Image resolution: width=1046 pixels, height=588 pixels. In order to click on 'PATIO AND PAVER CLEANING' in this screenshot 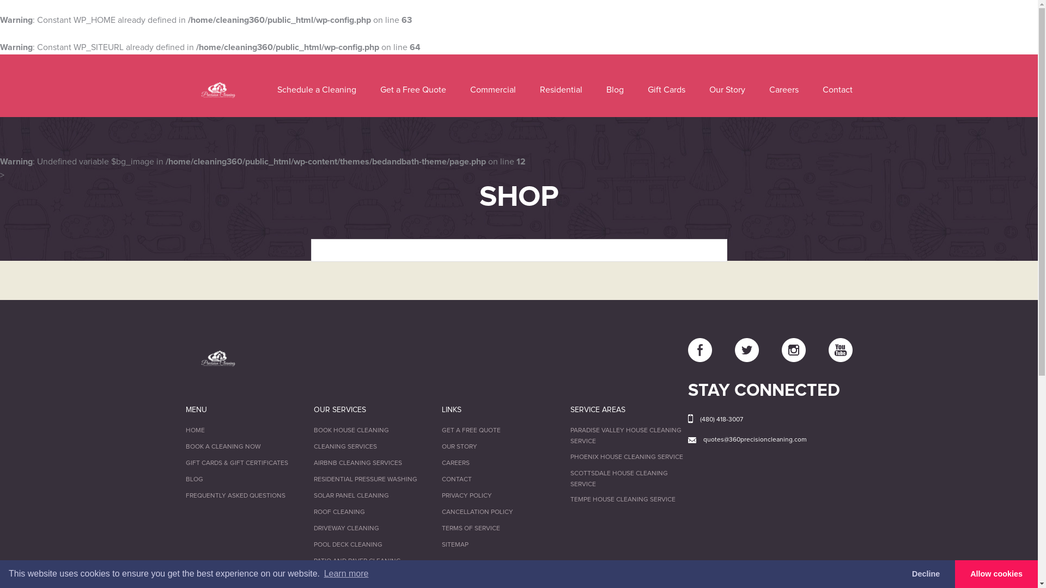, I will do `click(357, 561)`.